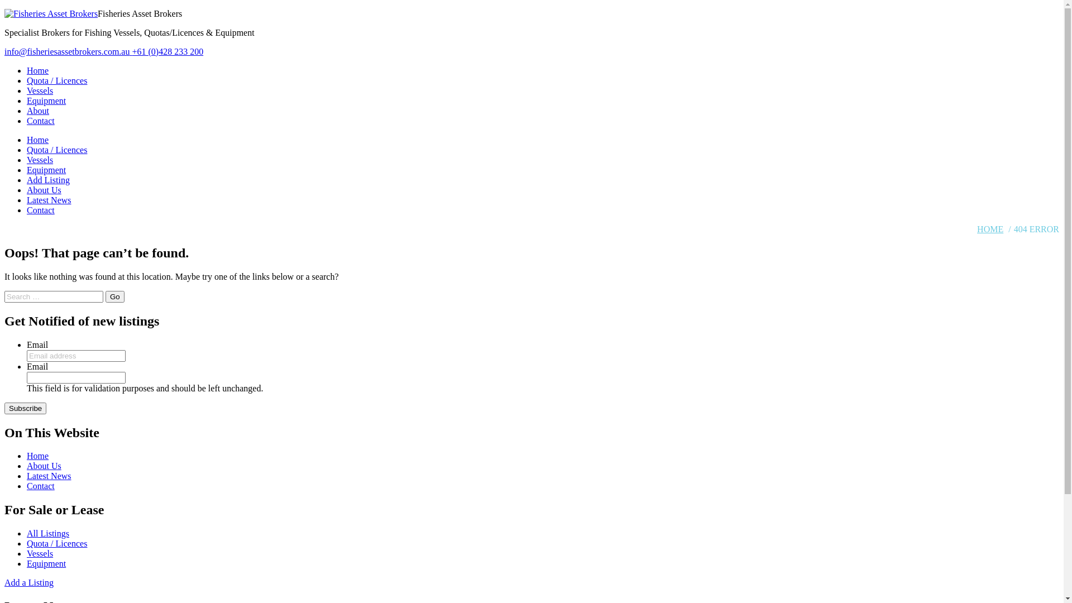 This screenshot has width=1072, height=603. Describe the element at coordinates (47, 533) in the screenshot. I see `'All Listings'` at that location.